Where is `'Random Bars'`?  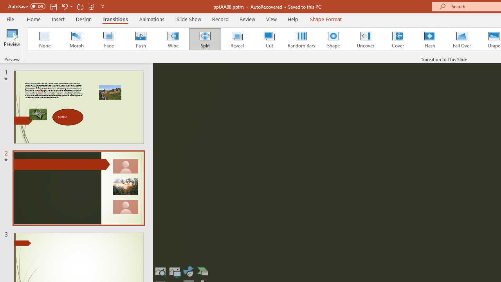 'Random Bars' is located at coordinates (301, 39).